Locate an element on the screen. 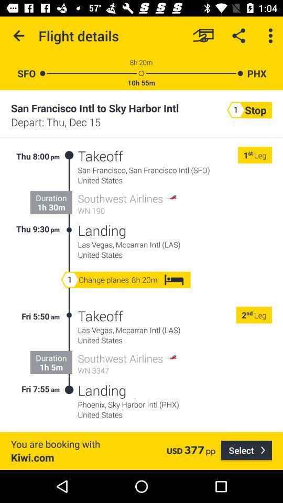 This screenshot has width=283, height=503. the icon to the left of the takeoff is located at coordinates (69, 353).